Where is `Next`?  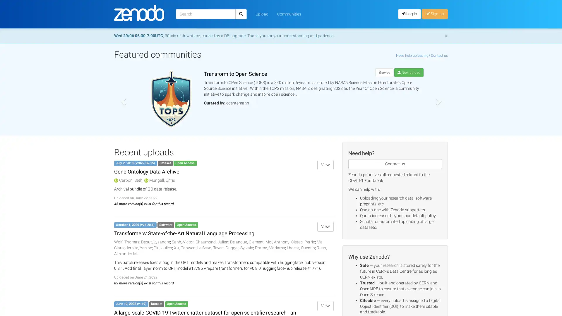 Next is located at coordinates (439, 99).